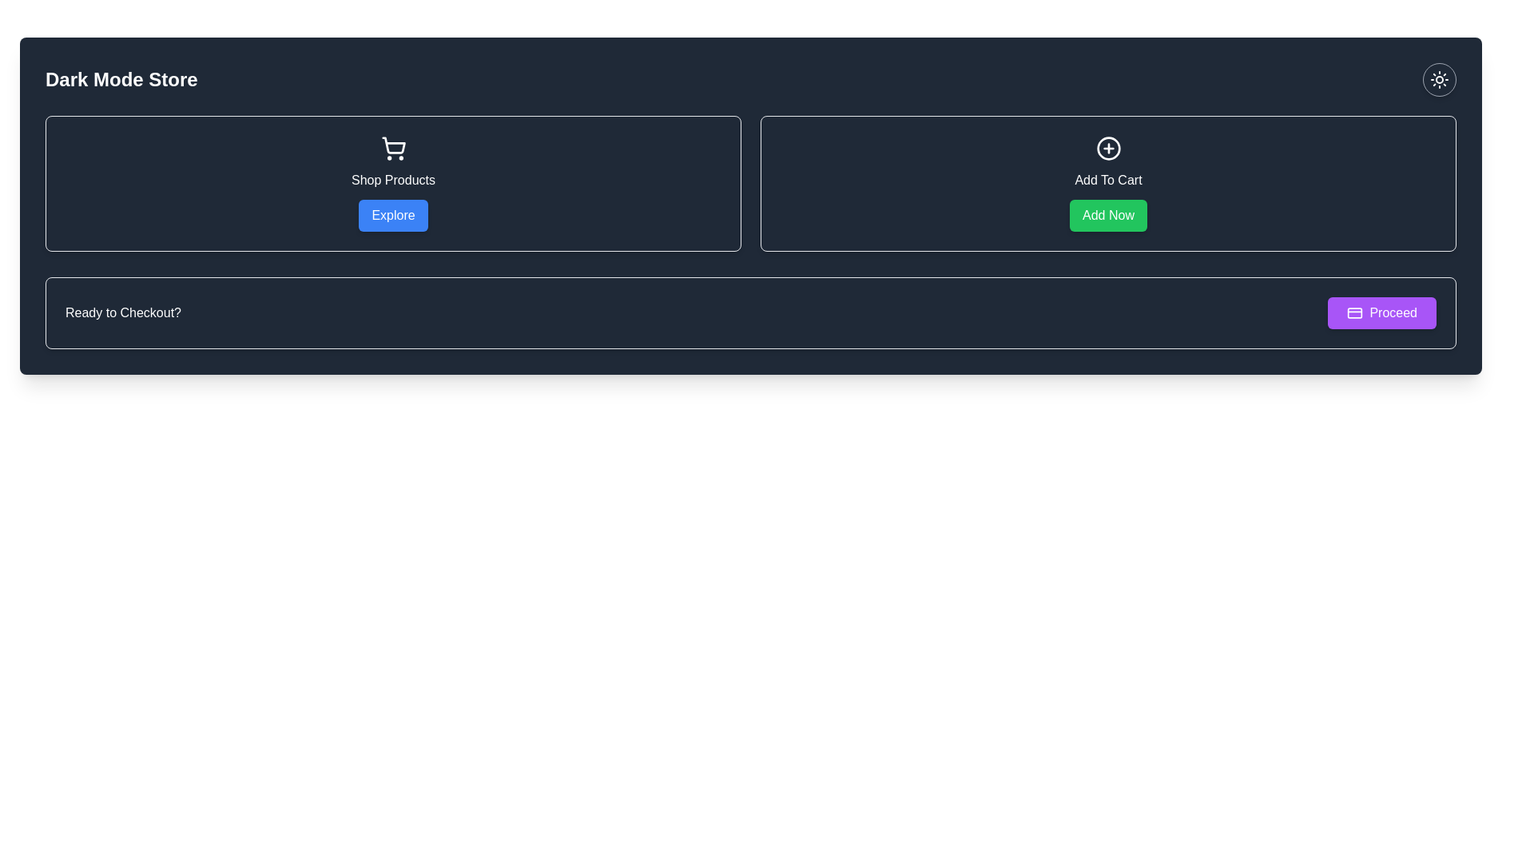 The image size is (1534, 863). Describe the element at coordinates (1107, 148) in the screenshot. I see `the circular icon with a plus sign at the top center of the 'Add To Cart' section` at that location.